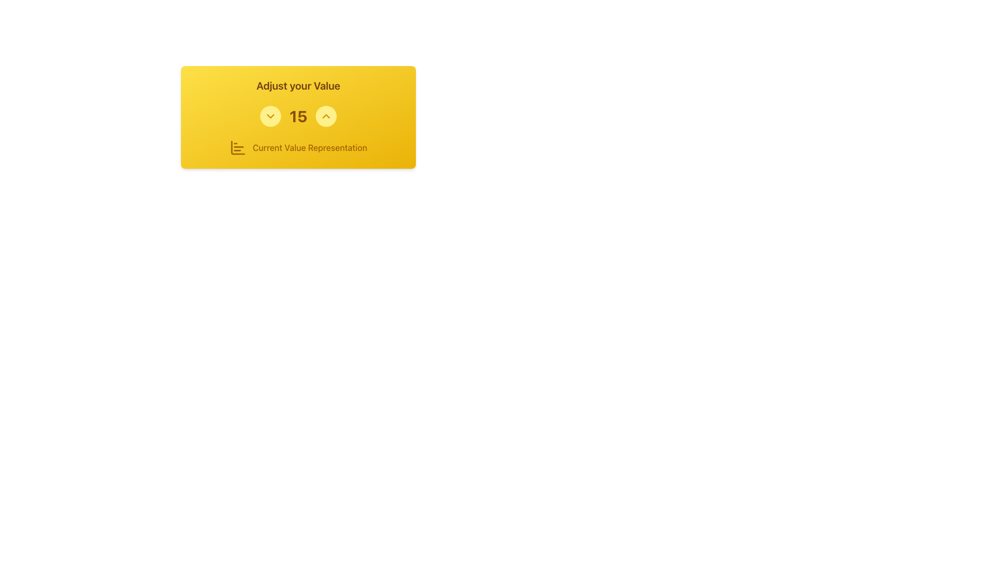 This screenshot has height=566, width=1007. What do you see at coordinates (297, 116) in the screenshot?
I see `the main numerical text display showing '15' in bold dark yellow against a yellow background, centrally placed among sibling elements in the user interface` at bounding box center [297, 116].